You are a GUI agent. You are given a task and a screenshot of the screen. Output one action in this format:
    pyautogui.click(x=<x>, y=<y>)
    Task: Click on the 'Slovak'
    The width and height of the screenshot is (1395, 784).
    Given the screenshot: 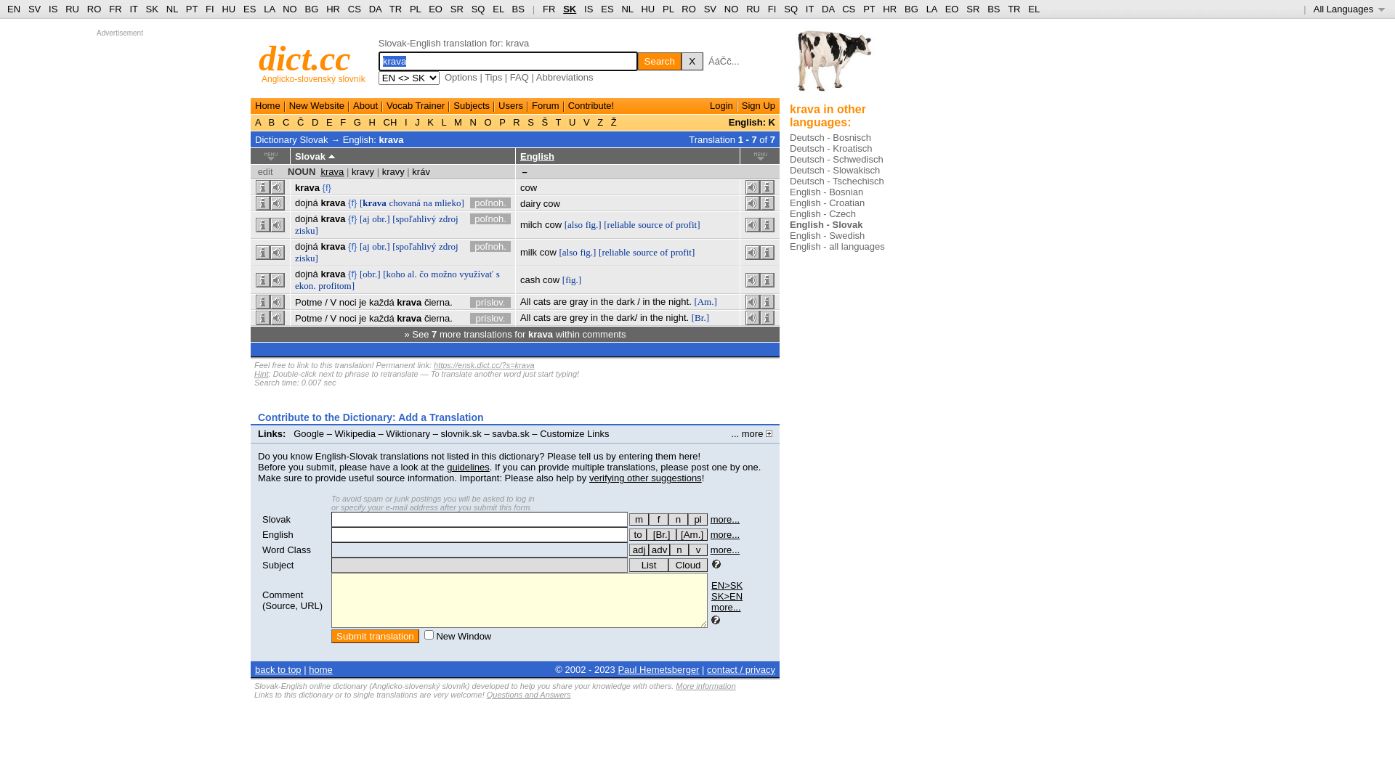 What is the action you would take?
    pyautogui.click(x=276, y=518)
    